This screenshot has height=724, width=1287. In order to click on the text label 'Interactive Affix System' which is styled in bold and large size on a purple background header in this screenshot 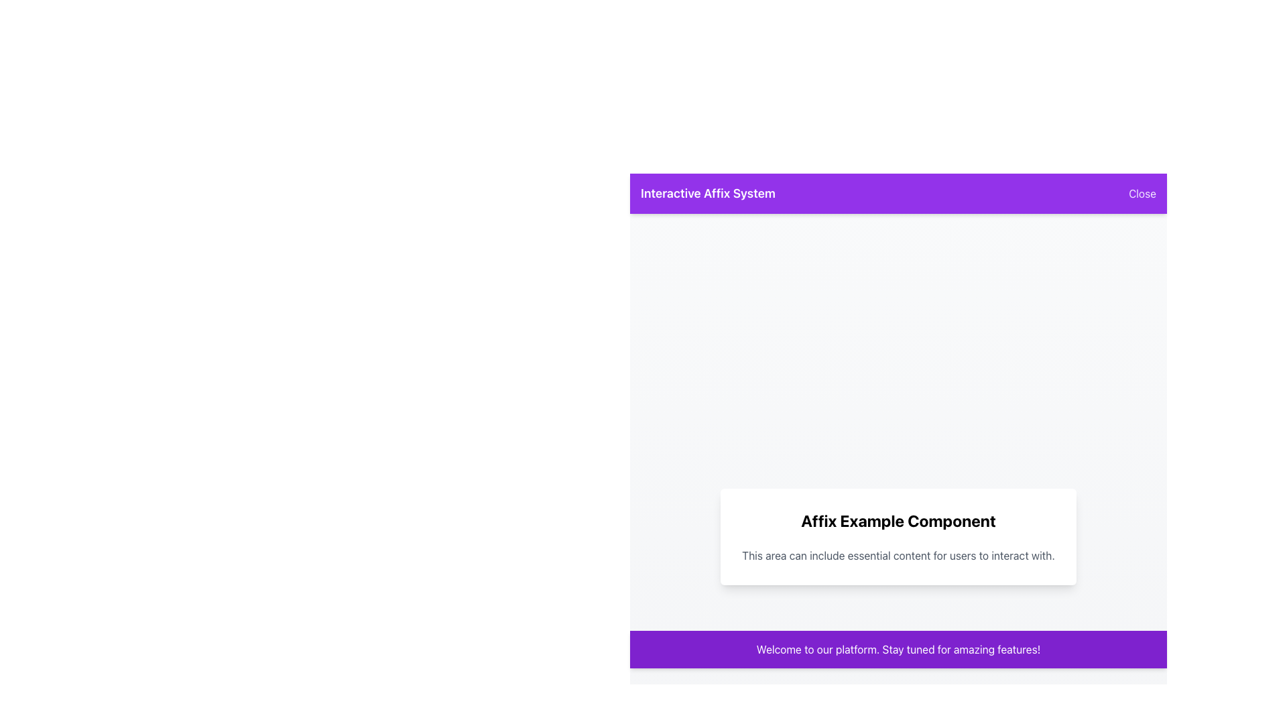, I will do `click(707, 194)`.